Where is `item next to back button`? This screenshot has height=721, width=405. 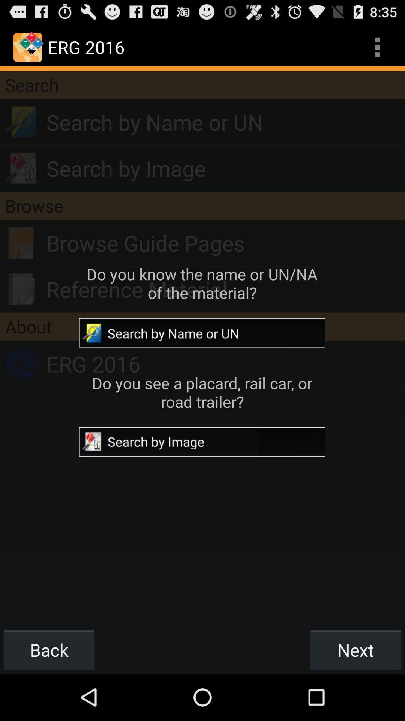 item next to back button is located at coordinates (355, 650).